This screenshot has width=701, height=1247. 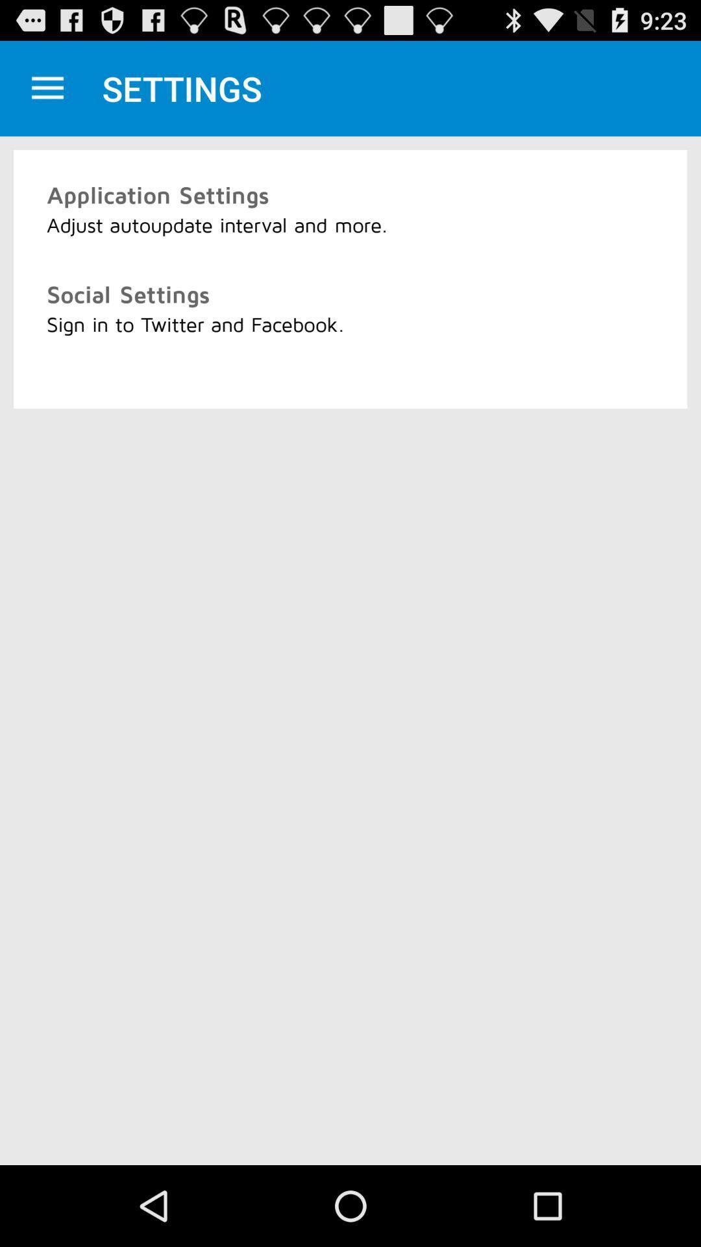 I want to click on app to the left of the settings app, so click(x=47, y=88).